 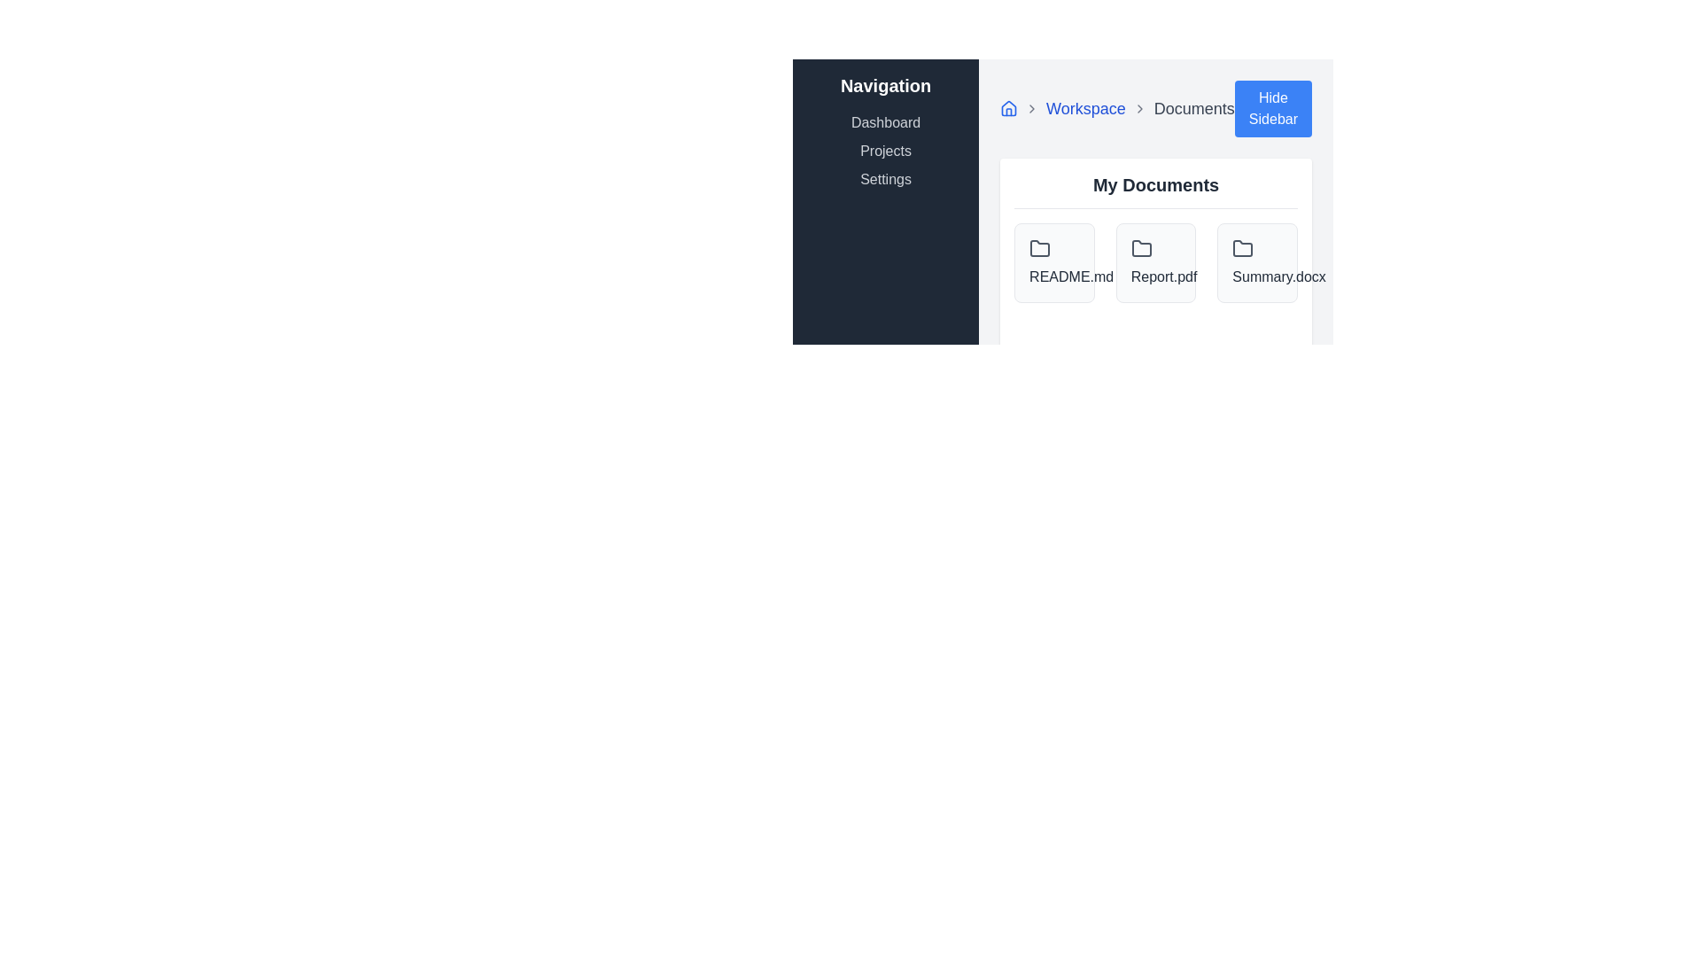 I want to click on the folder icon representing the document 'Summary.docx', which is the third icon in the 'My Documents' section, located at the top-left corner above the text 'Summary.docx', so click(x=1242, y=249).